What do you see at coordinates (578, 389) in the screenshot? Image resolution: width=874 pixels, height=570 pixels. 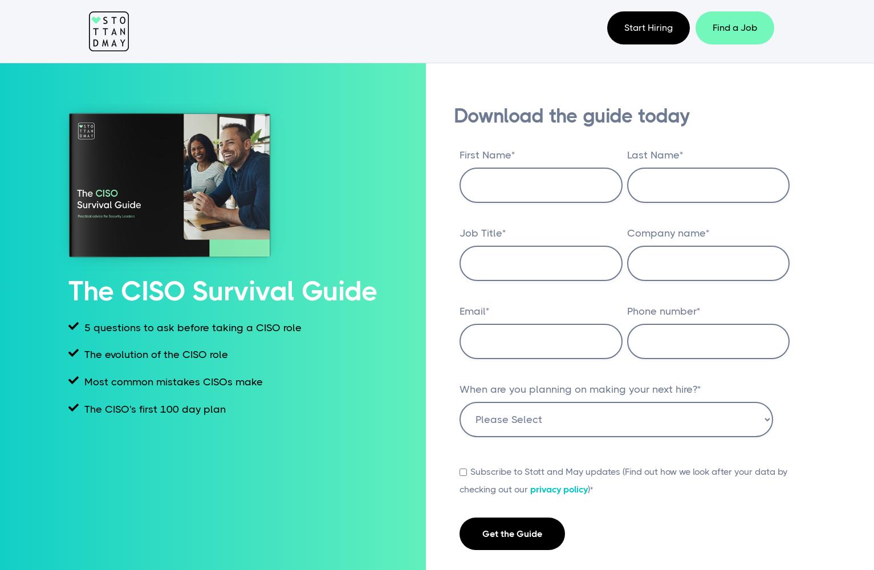 I see `'When are you planning on making your next hire?'` at bounding box center [578, 389].